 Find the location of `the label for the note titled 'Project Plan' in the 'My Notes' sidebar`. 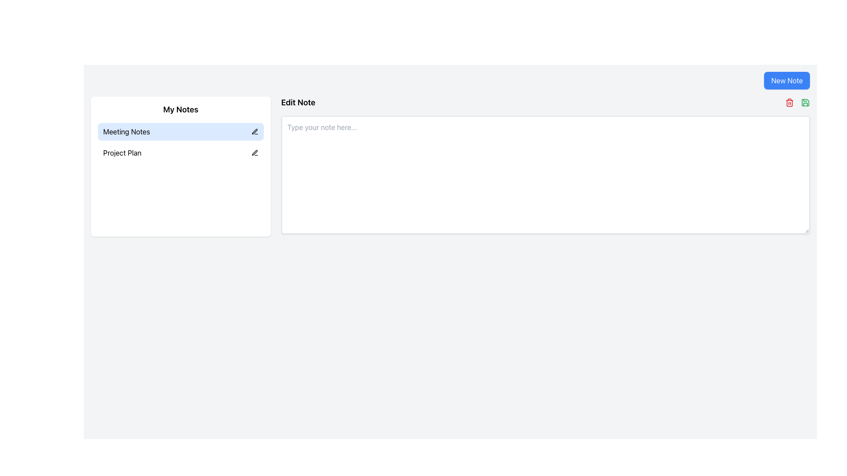

the label for the note titled 'Project Plan' in the 'My Notes' sidebar is located at coordinates (122, 152).